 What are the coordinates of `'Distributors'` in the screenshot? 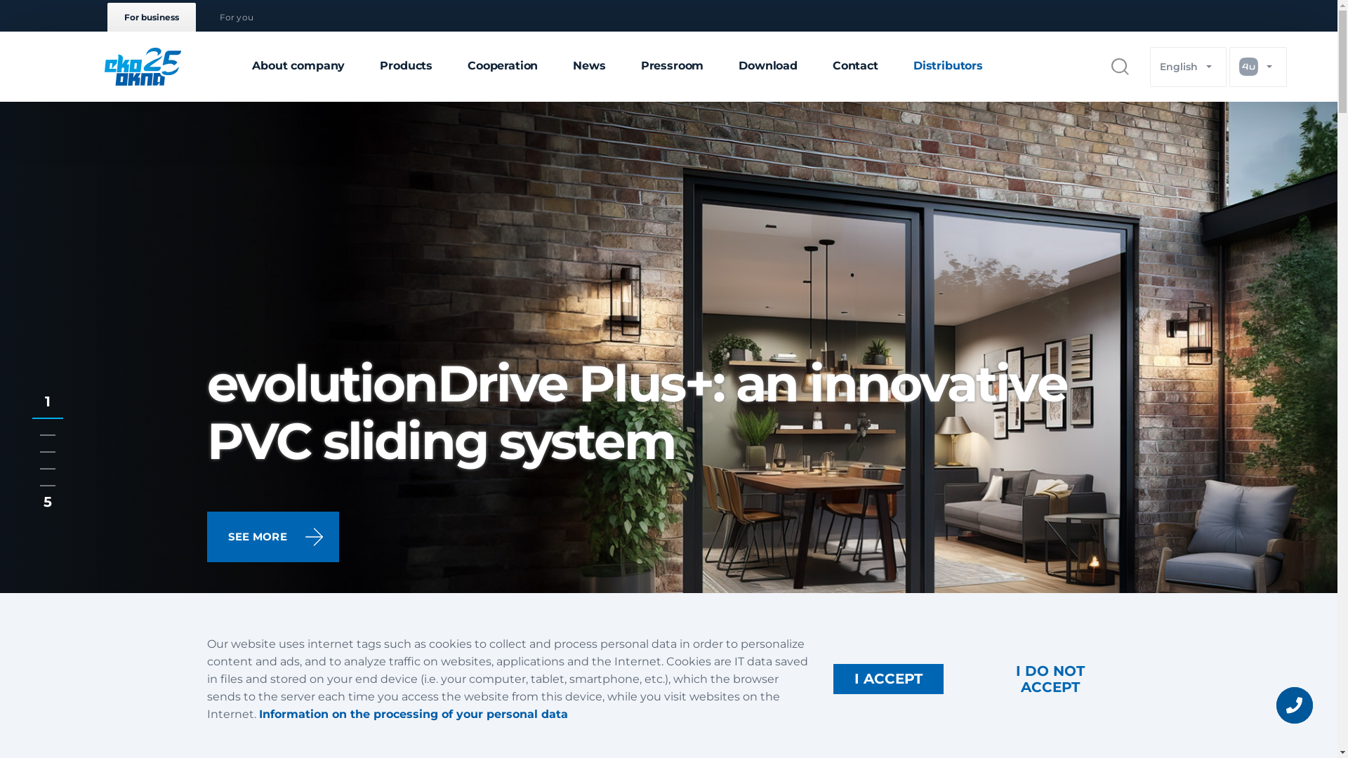 It's located at (948, 67).